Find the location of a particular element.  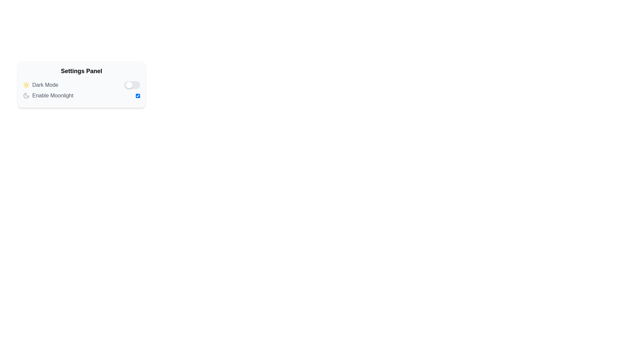

'Dark Mode' label, which features a sun icon in yellow followed by the text 'Dark Mode' in gray, located in the settings panel before the toggle button is located at coordinates (40, 84).